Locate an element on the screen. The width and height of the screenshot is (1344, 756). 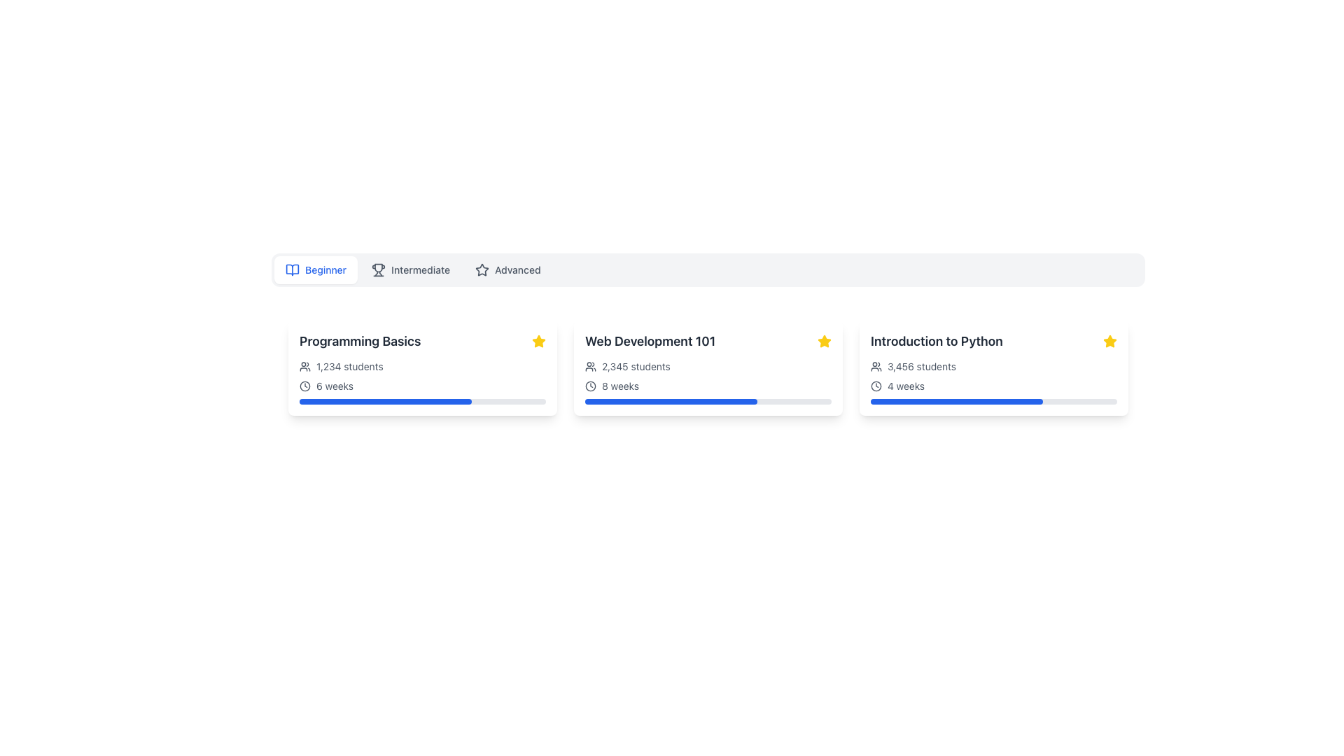
the progress is located at coordinates (437, 402).